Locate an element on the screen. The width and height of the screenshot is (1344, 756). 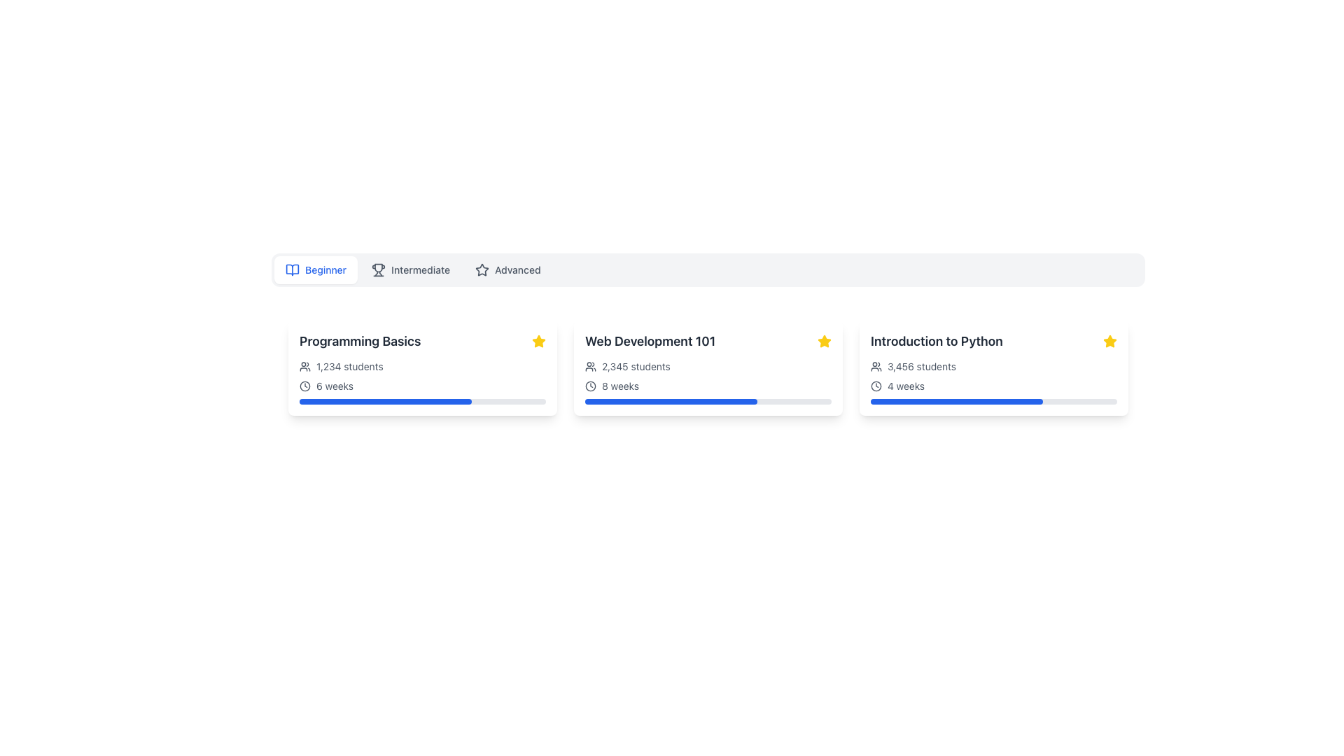
the progress is located at coordinates (437, 402).